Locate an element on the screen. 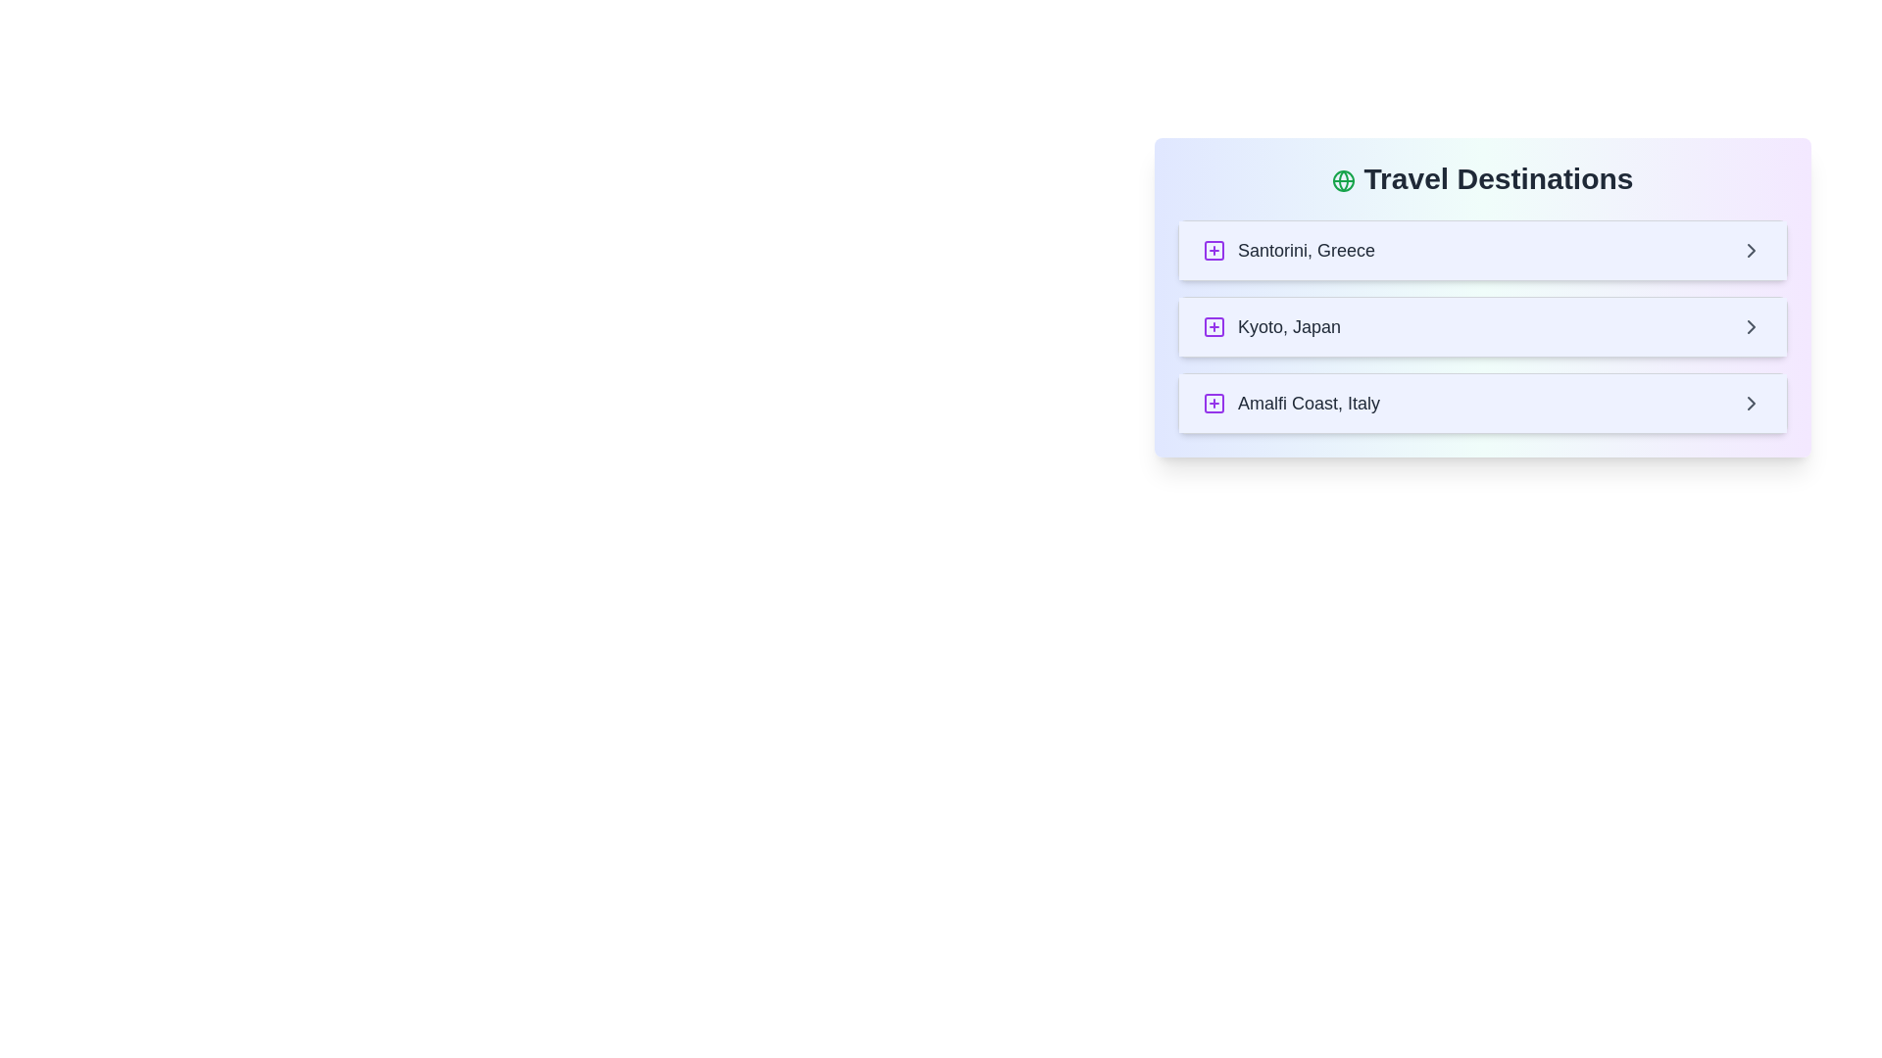 The height and width of the screenshot is (1058, 1882). the second list item for 'Kyoto, Japan' is located at coordinates (1482, 326).